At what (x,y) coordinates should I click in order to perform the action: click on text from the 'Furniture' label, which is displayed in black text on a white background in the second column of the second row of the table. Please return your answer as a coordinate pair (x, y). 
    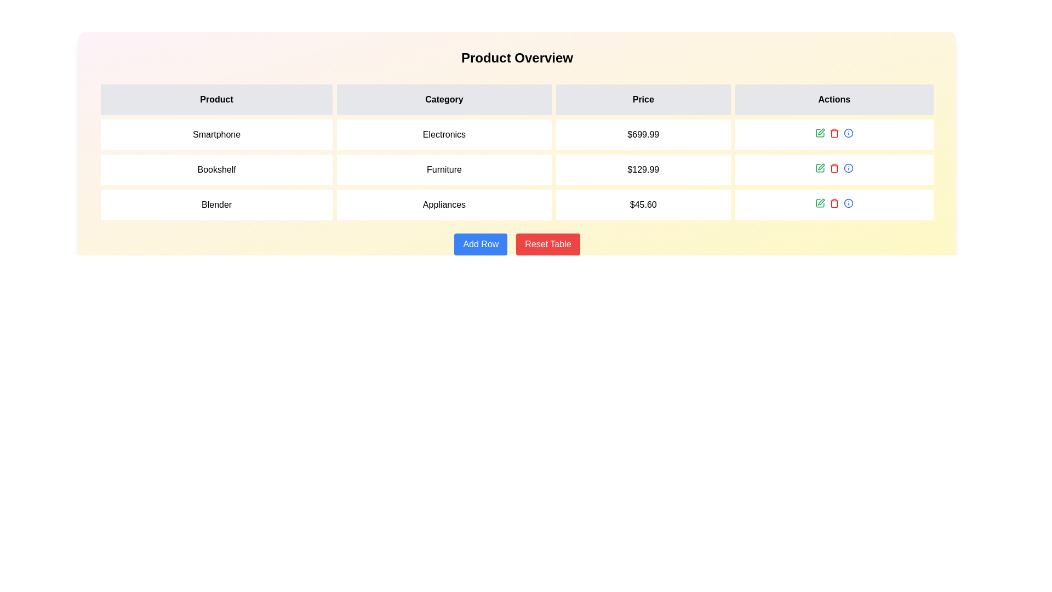
    Looking at the image, I should click on (444, 169).